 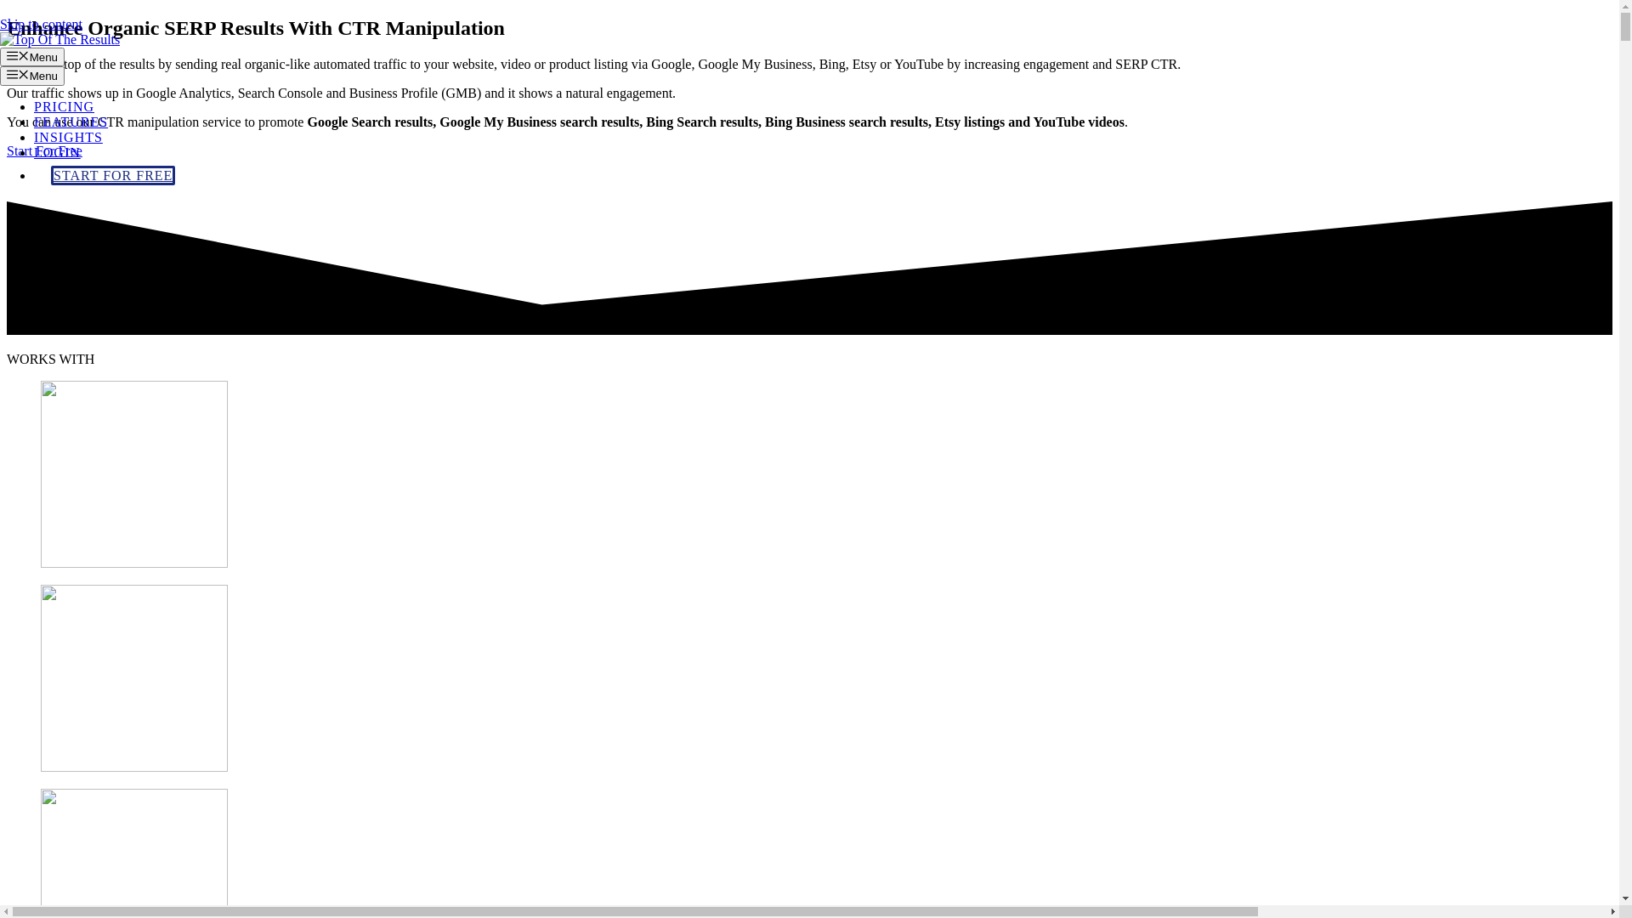 What do you see at coordinates (68, 136) in the screenshot?
I see `'INSIGHTS'` at bounding box center [68, 136].